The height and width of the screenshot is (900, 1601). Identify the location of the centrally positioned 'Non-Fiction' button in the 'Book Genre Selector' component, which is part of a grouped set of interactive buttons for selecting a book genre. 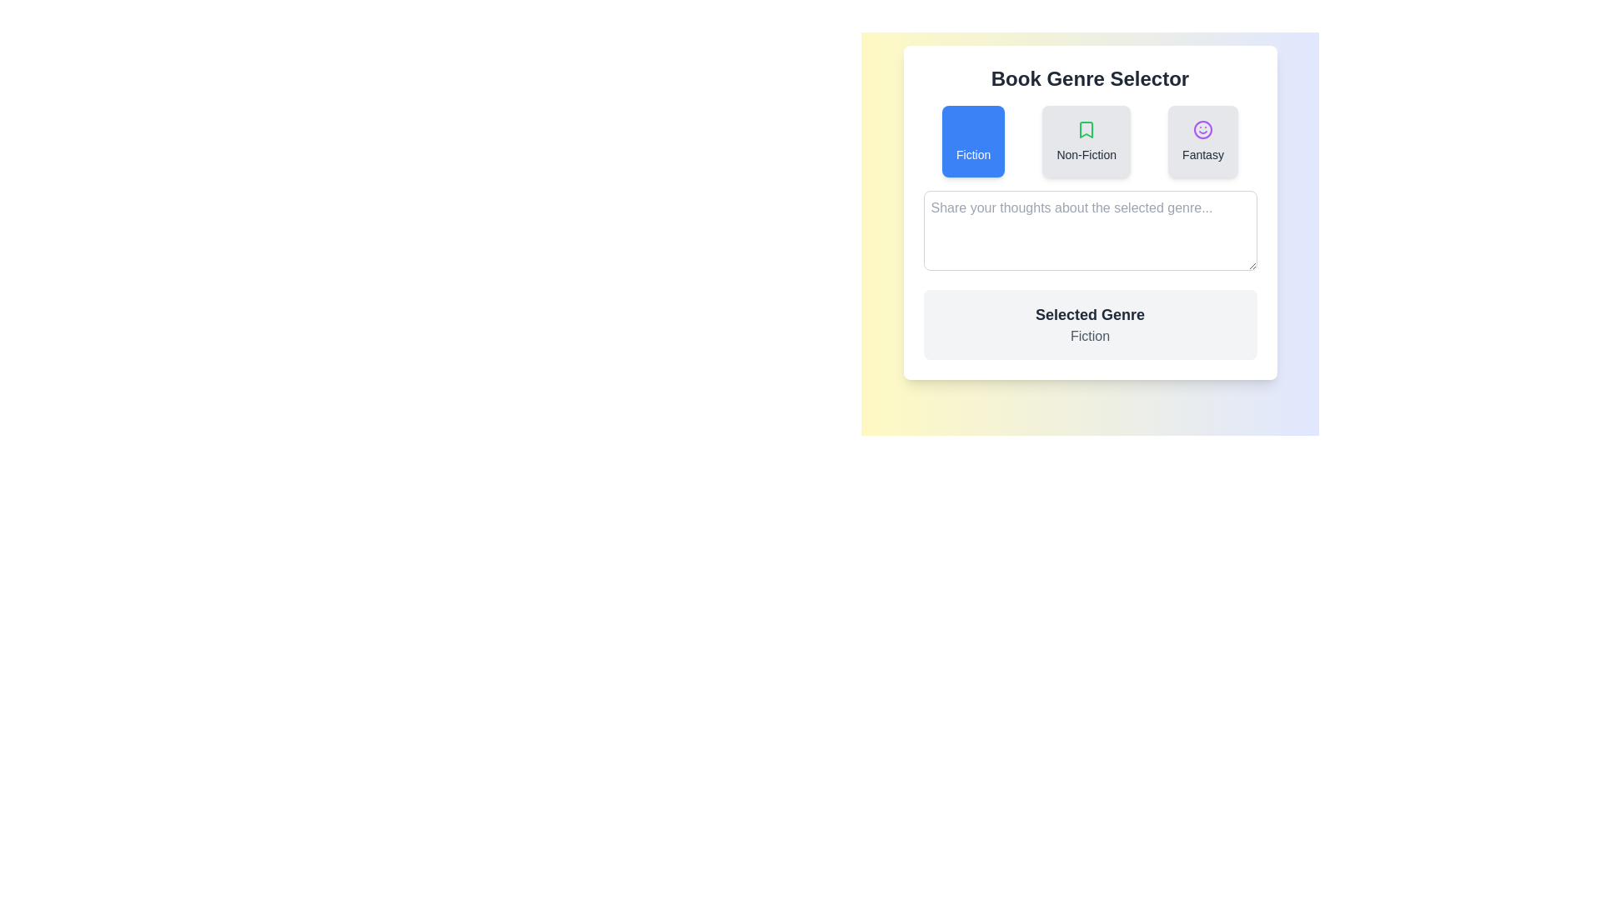
(1090, 140).